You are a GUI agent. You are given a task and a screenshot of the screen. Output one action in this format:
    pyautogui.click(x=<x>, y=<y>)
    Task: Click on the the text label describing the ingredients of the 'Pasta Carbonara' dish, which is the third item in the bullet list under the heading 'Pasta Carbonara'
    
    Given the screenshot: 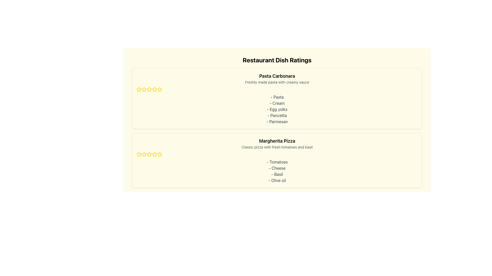 What is the action you would take?
    pyautogui.click(x=277, y=109)
    